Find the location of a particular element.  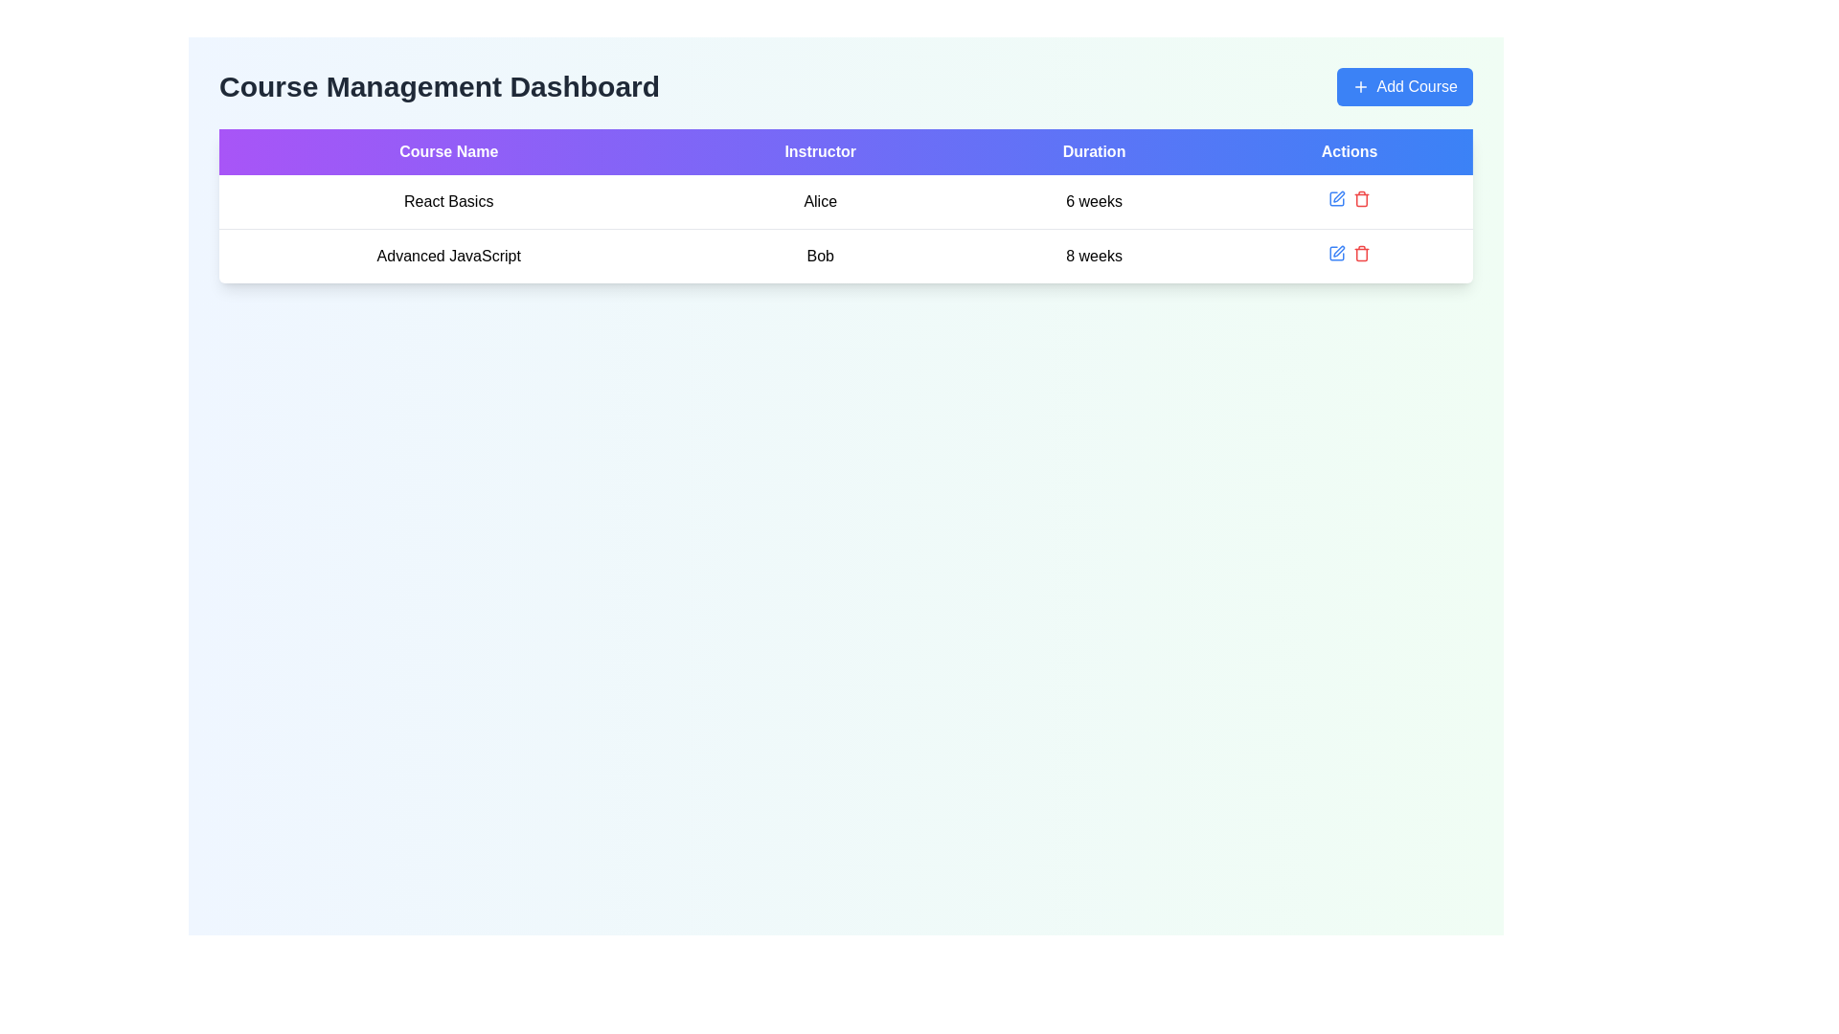

the blue edit icon and the red delete icon in the action buttons group located in the 'Actions' column of the second row for the 'Advanced JavaScript' course is located at coordinates (1349, 253).